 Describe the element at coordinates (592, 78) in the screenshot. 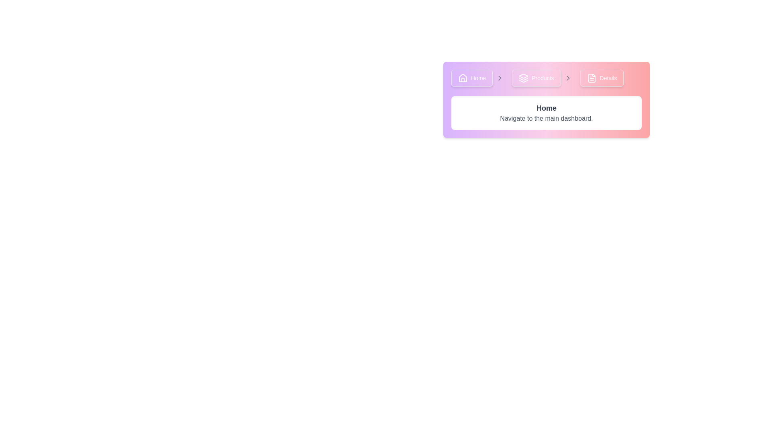

I see `the thin, rectangular icon in the breadcrumb navigation bar, which is located to the right of the 'Products' section and adjacent to the 'Details' section` at that location.